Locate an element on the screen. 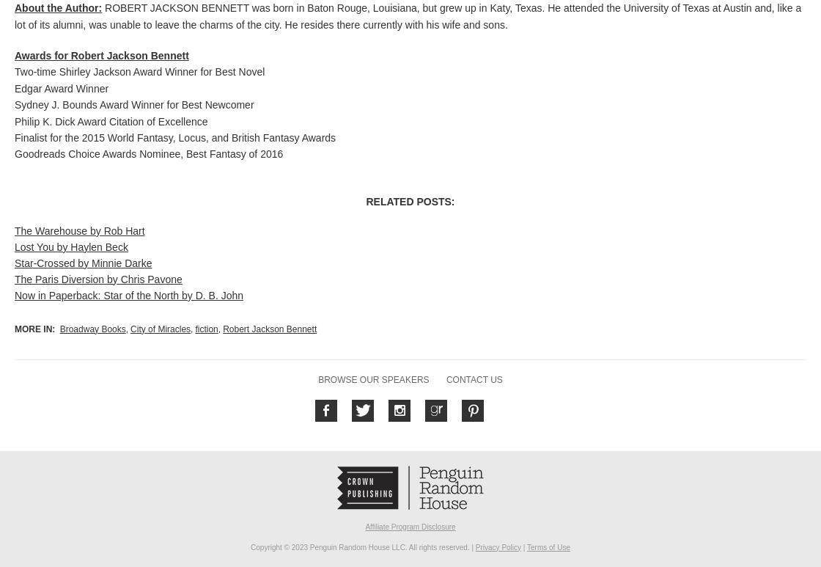 The image size is (821, 567). 'Broadway Books' is located at coordinates (92, 329).